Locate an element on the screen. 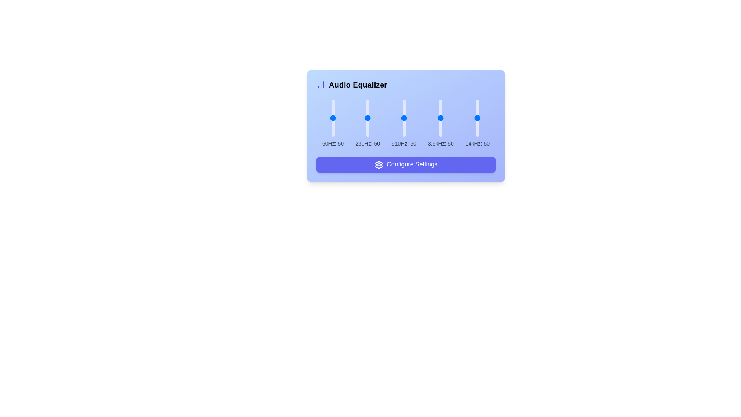  the frequency level of 910Hz is located at coordinates (403, 124).